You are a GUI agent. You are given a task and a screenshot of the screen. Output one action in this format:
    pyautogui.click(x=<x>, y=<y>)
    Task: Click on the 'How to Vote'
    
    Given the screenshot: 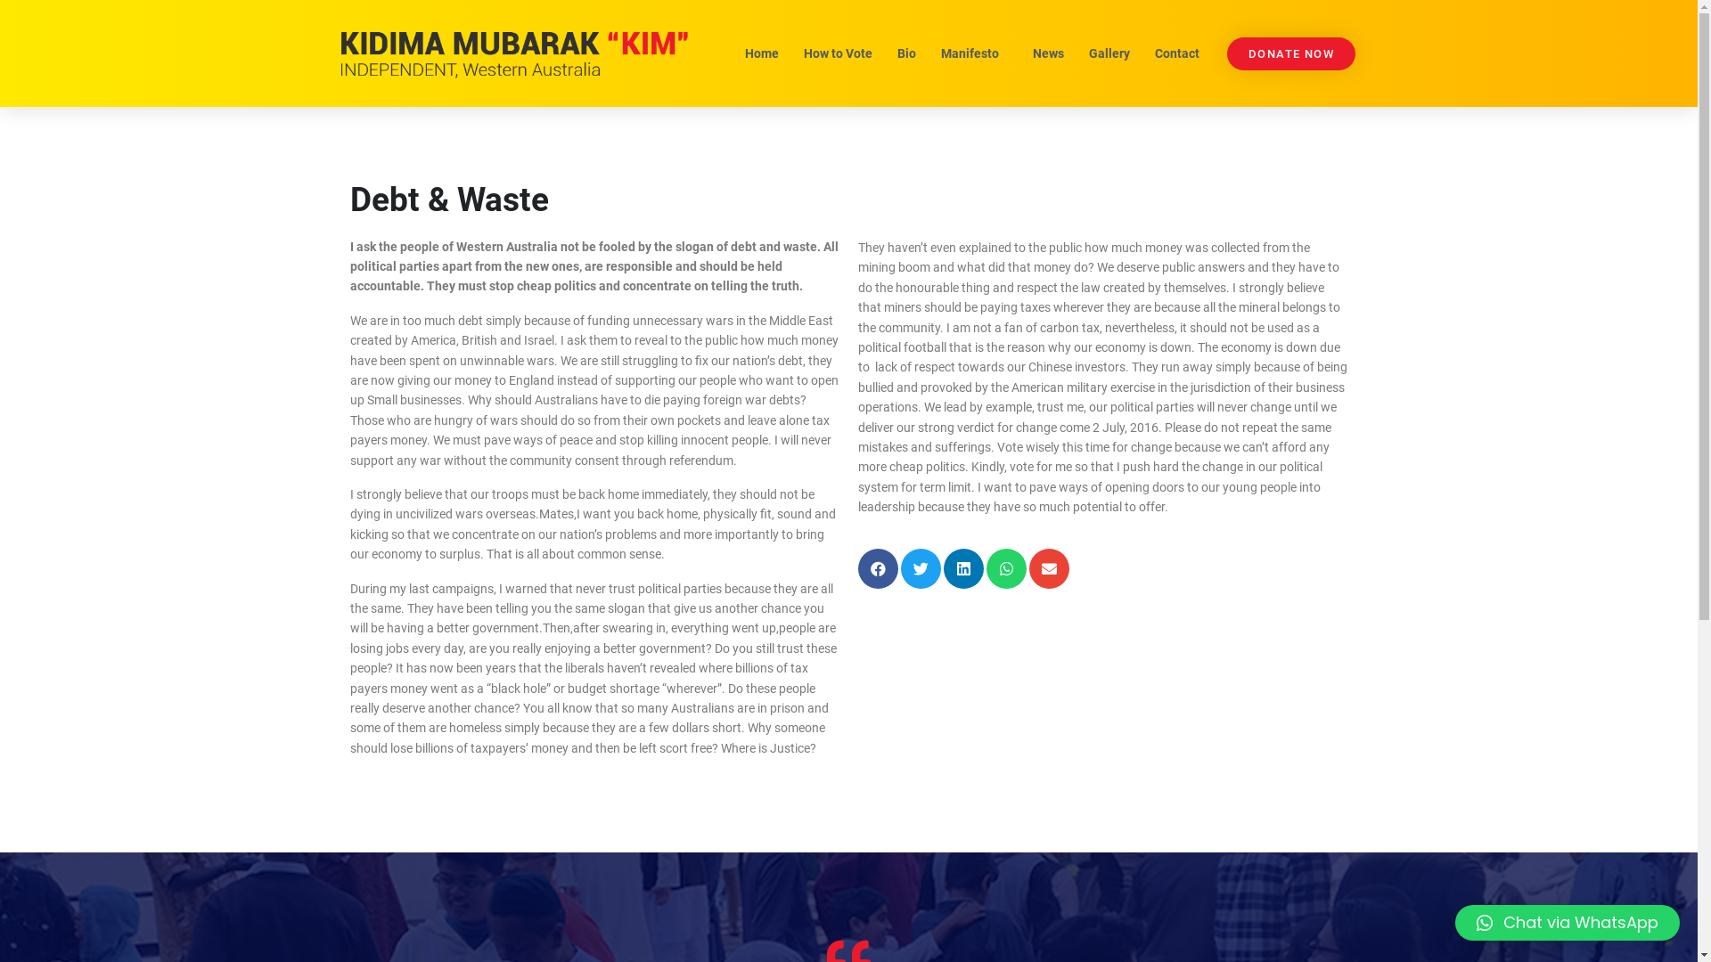 What is the action you would take?
    pyautogui.click(x=791, y=53)
    